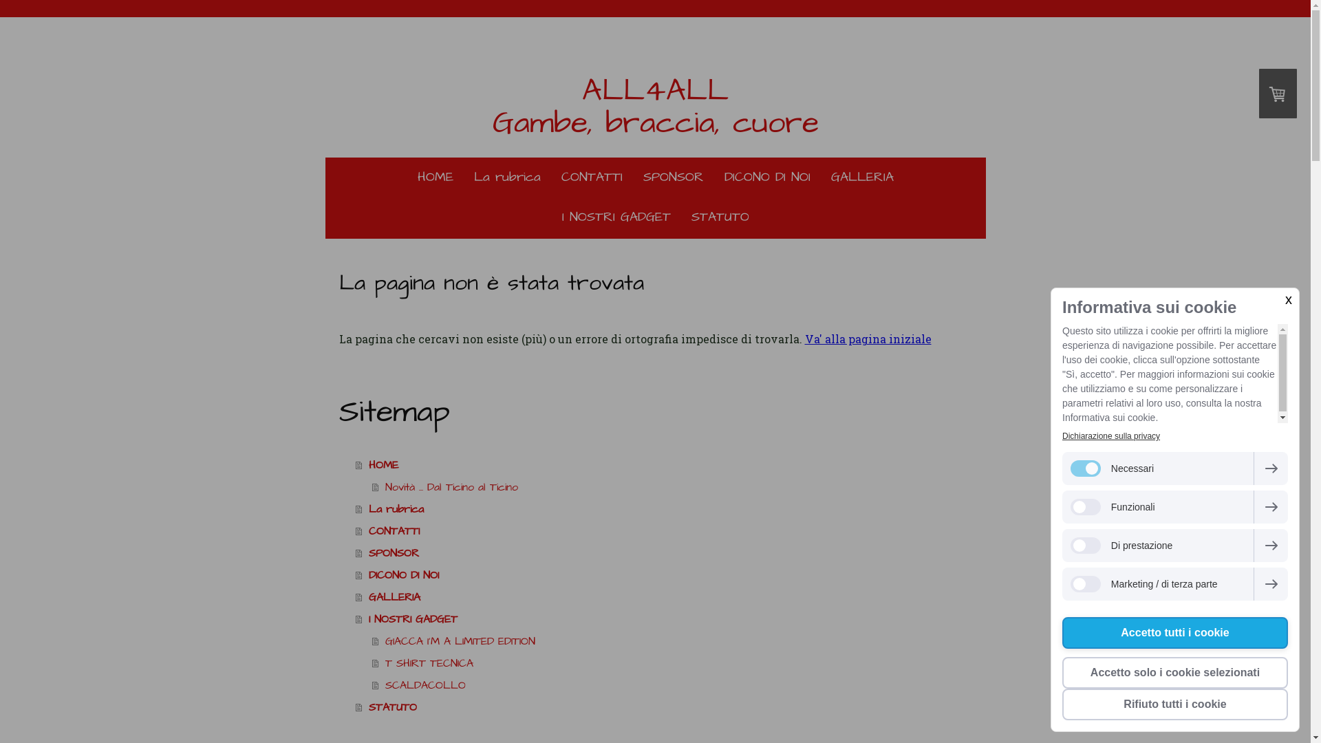 The height and width of the screenshot is (743, 1321). Describe the element at coordinates (1174, 633) in the screenshot. I see `'Accetto tutti i cookie'` at that location.